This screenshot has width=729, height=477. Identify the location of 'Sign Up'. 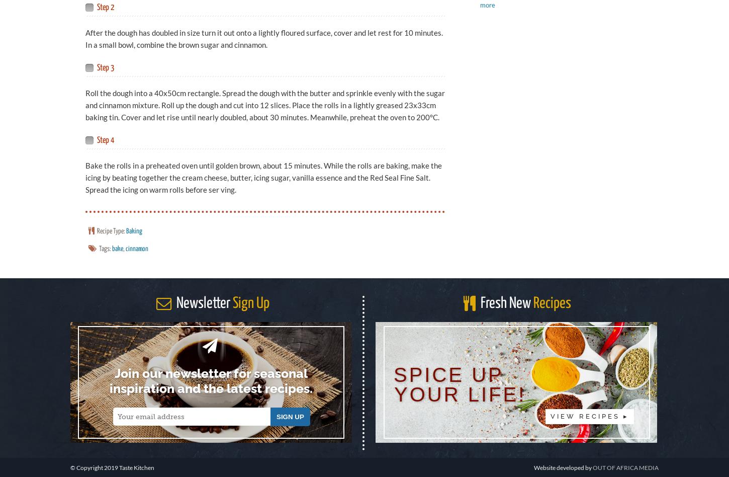
(250, 303).